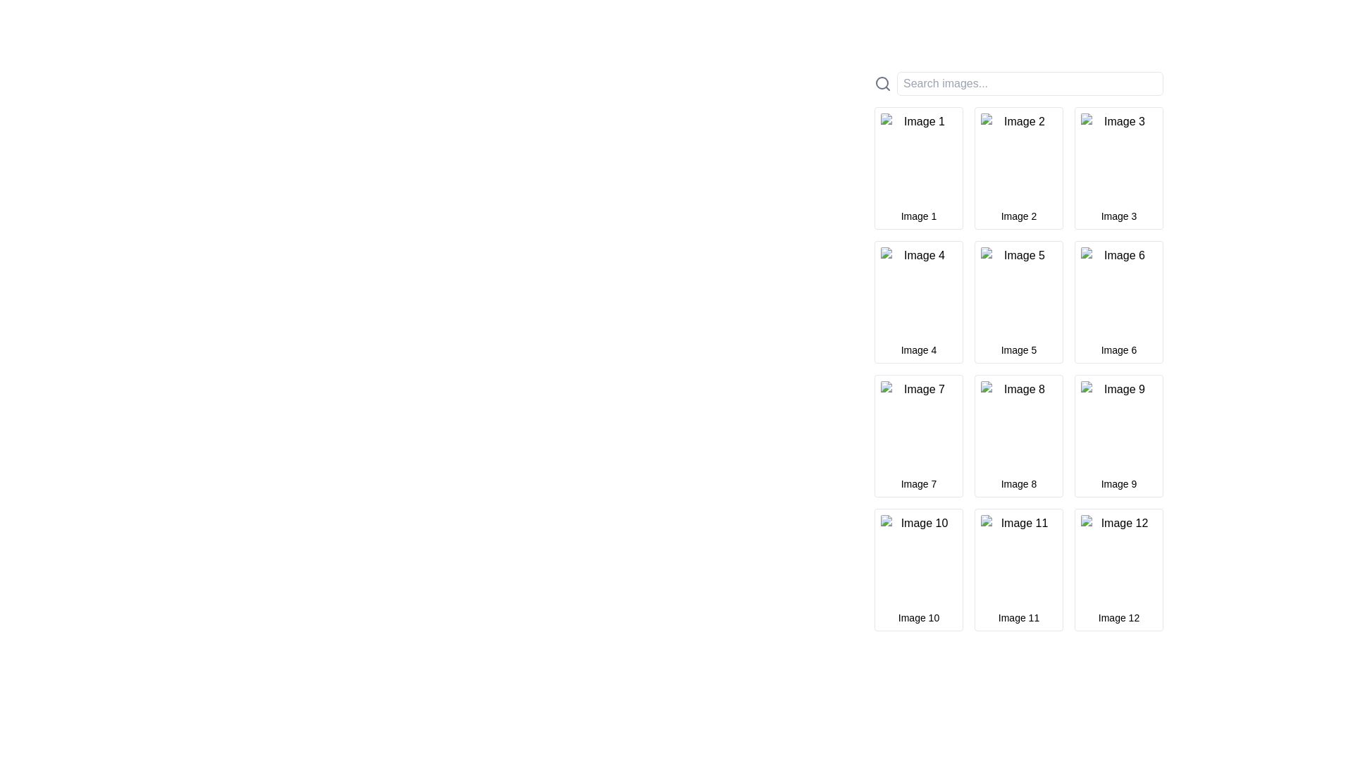 The width and height of the screenshot is (1353, 761). Describe the element at coordinates (919, 617) in the screenshot. I see `the text label displaying 'Image 10' located below the image thumbnail within the card-like structure` at that location.